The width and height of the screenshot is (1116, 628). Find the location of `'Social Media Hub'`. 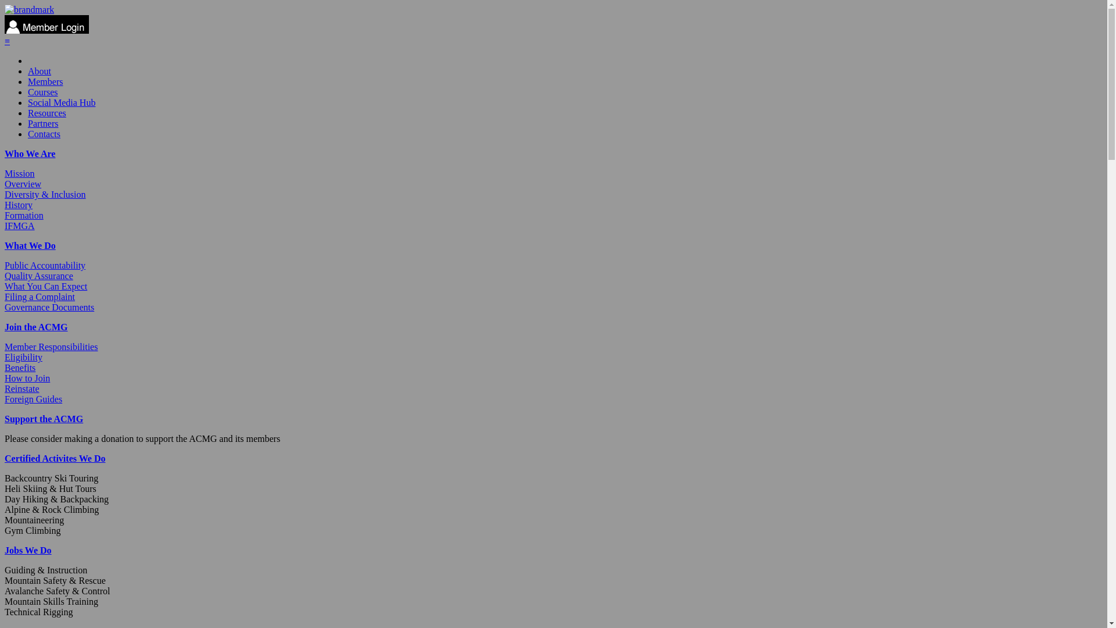

'Social Media Hub' is located at coordinates (60, 102).